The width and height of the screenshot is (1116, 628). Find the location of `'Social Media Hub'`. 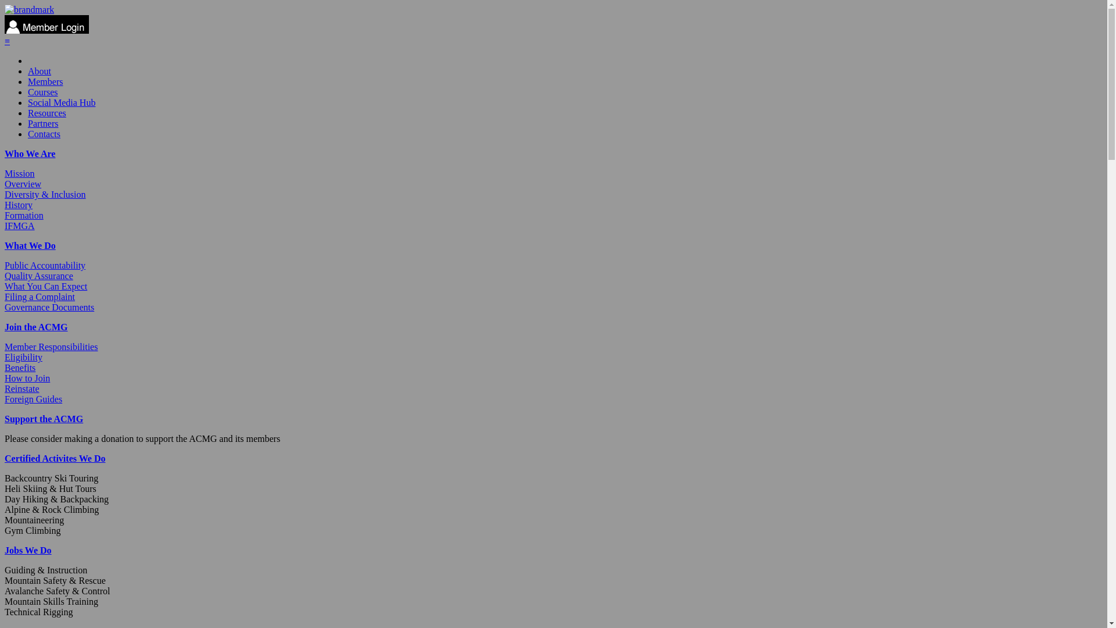

'Social Media Hub' is located at coordinates (60, 102).